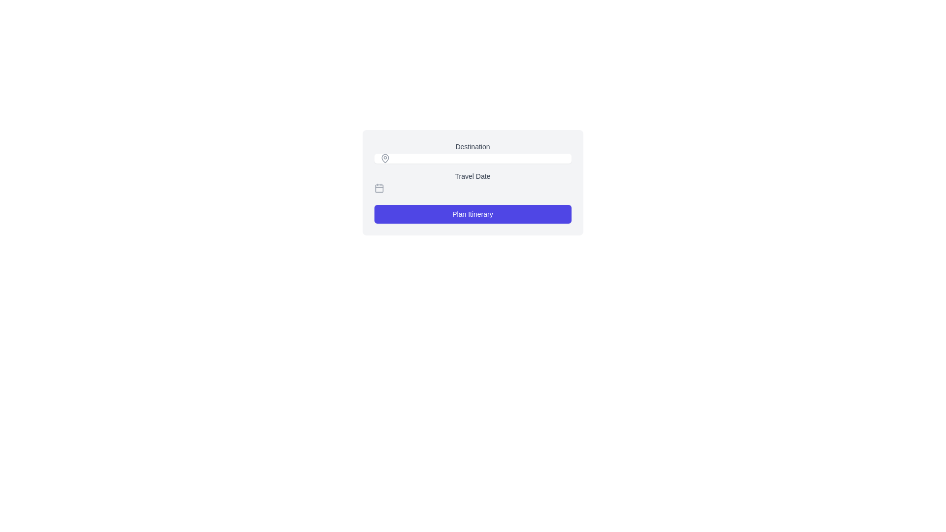  Describe the element at coordinates (381, 158) in the screenshot. I see `the gray map pin SVG icon located inside the input field labeled 'Destination', positioned at the leftmost side` at that location.